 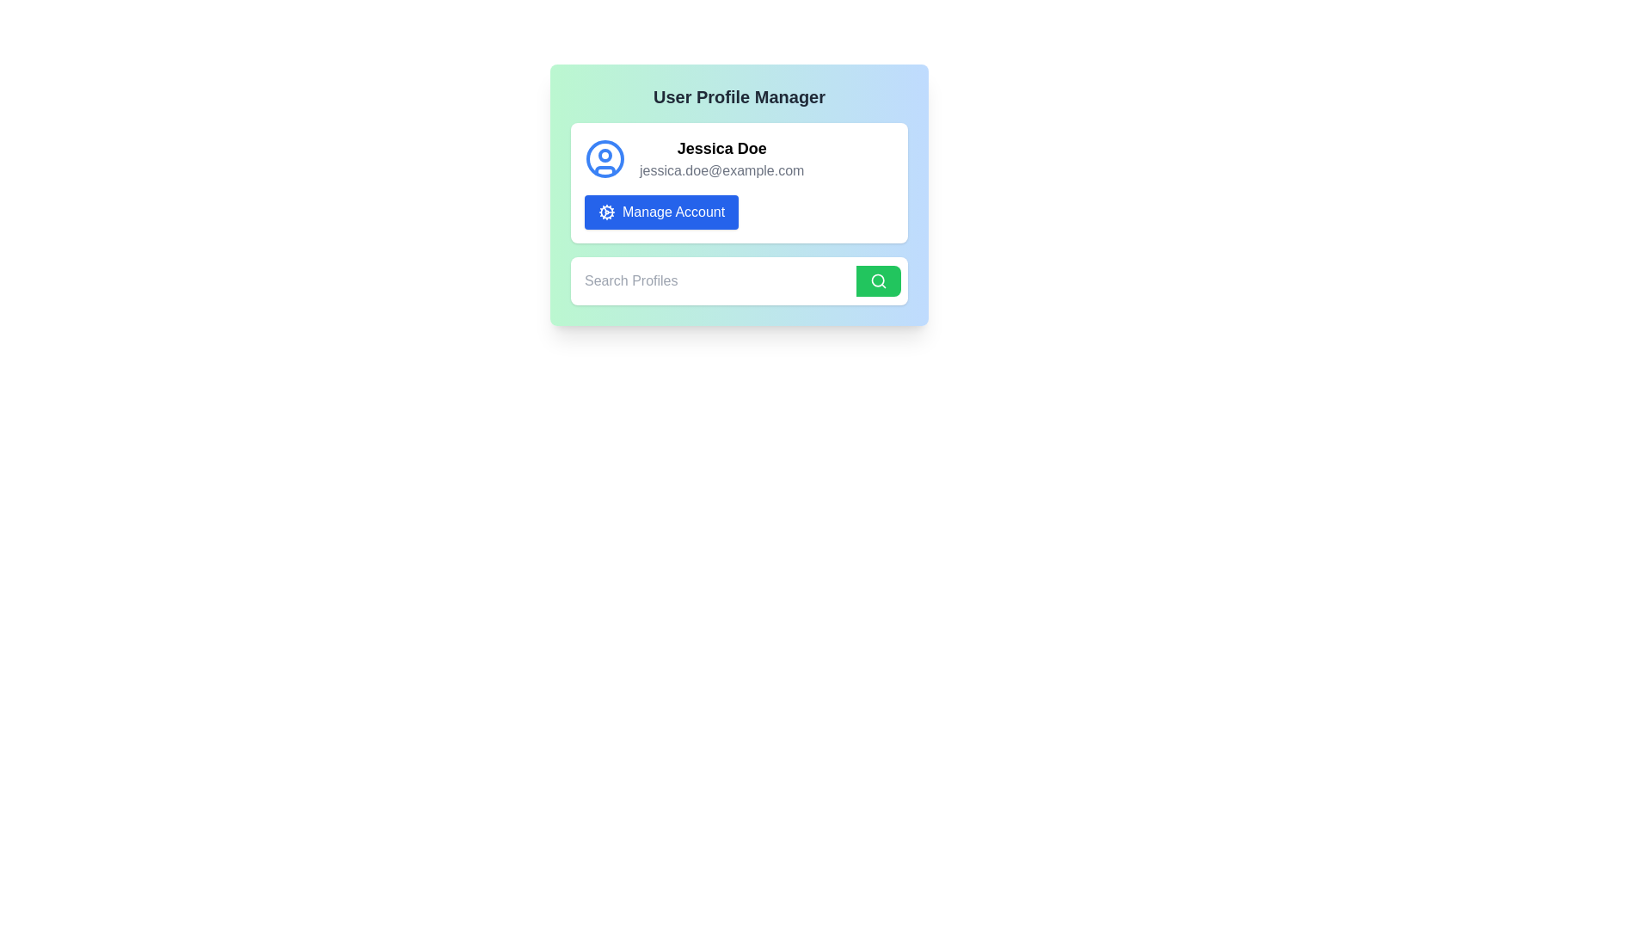 What do you see at coordinates (605, 156) in the screenshot?
I see `the circular element within the user profile icon, which is positioned slightly above the center of the circular frame` at bounding box center [605, 156].